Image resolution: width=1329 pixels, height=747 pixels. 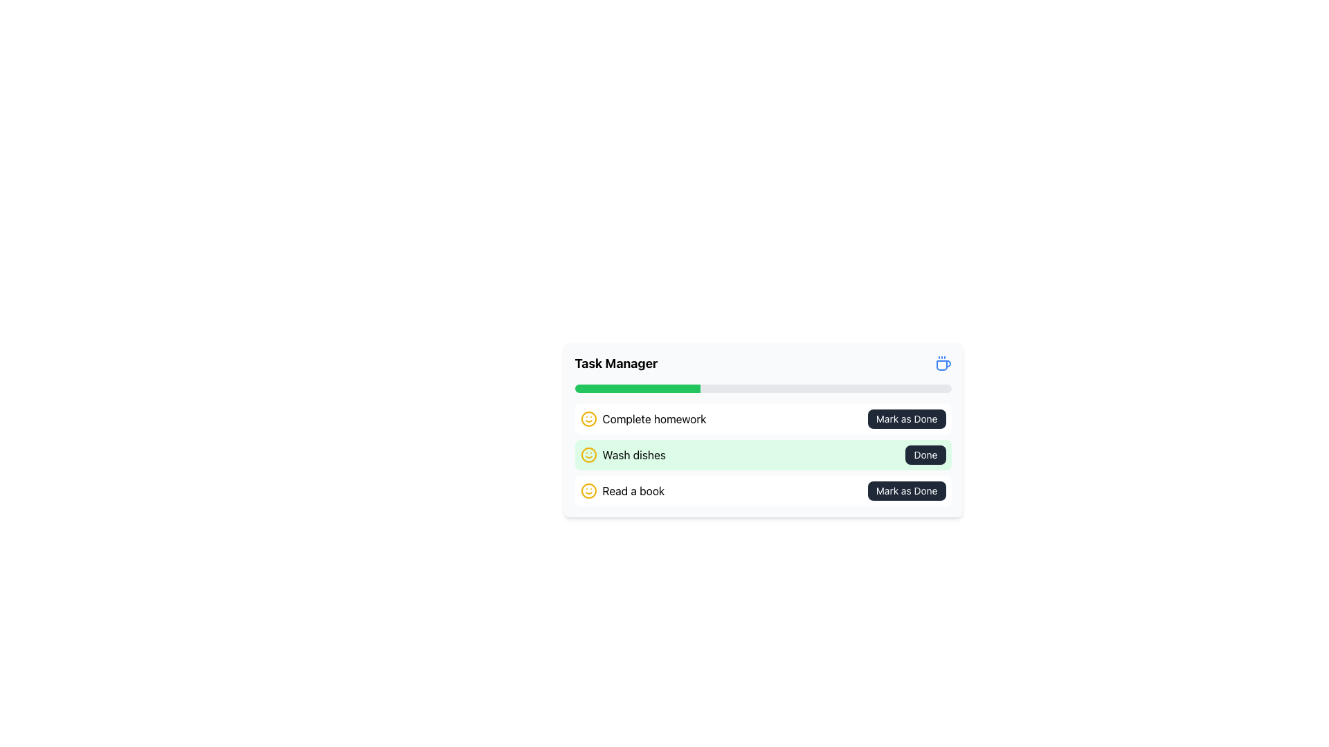 I want to click on the status of the task row indicating completion of 'Wash dishes' in the Task Manager, which is the second row in the task list, so click(x=762, y=455).